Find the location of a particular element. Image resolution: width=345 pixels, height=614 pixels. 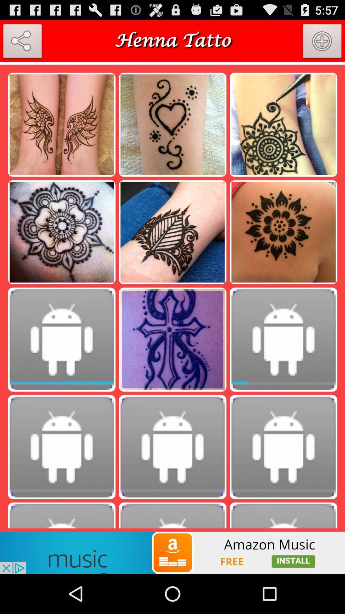

share option is located at coordinates (22, 42).